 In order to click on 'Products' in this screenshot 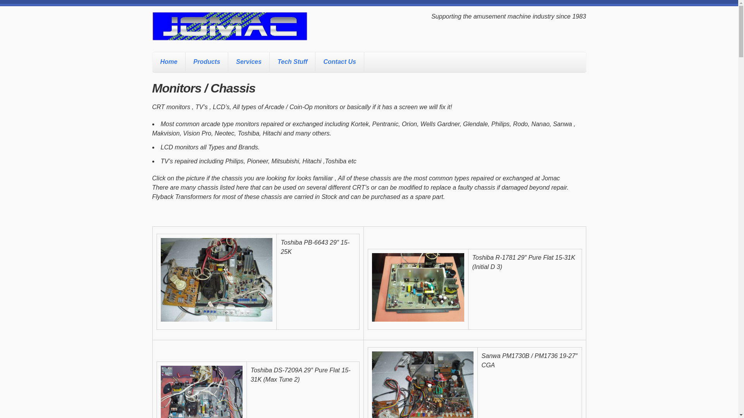, I will do `click(207, 61)`.